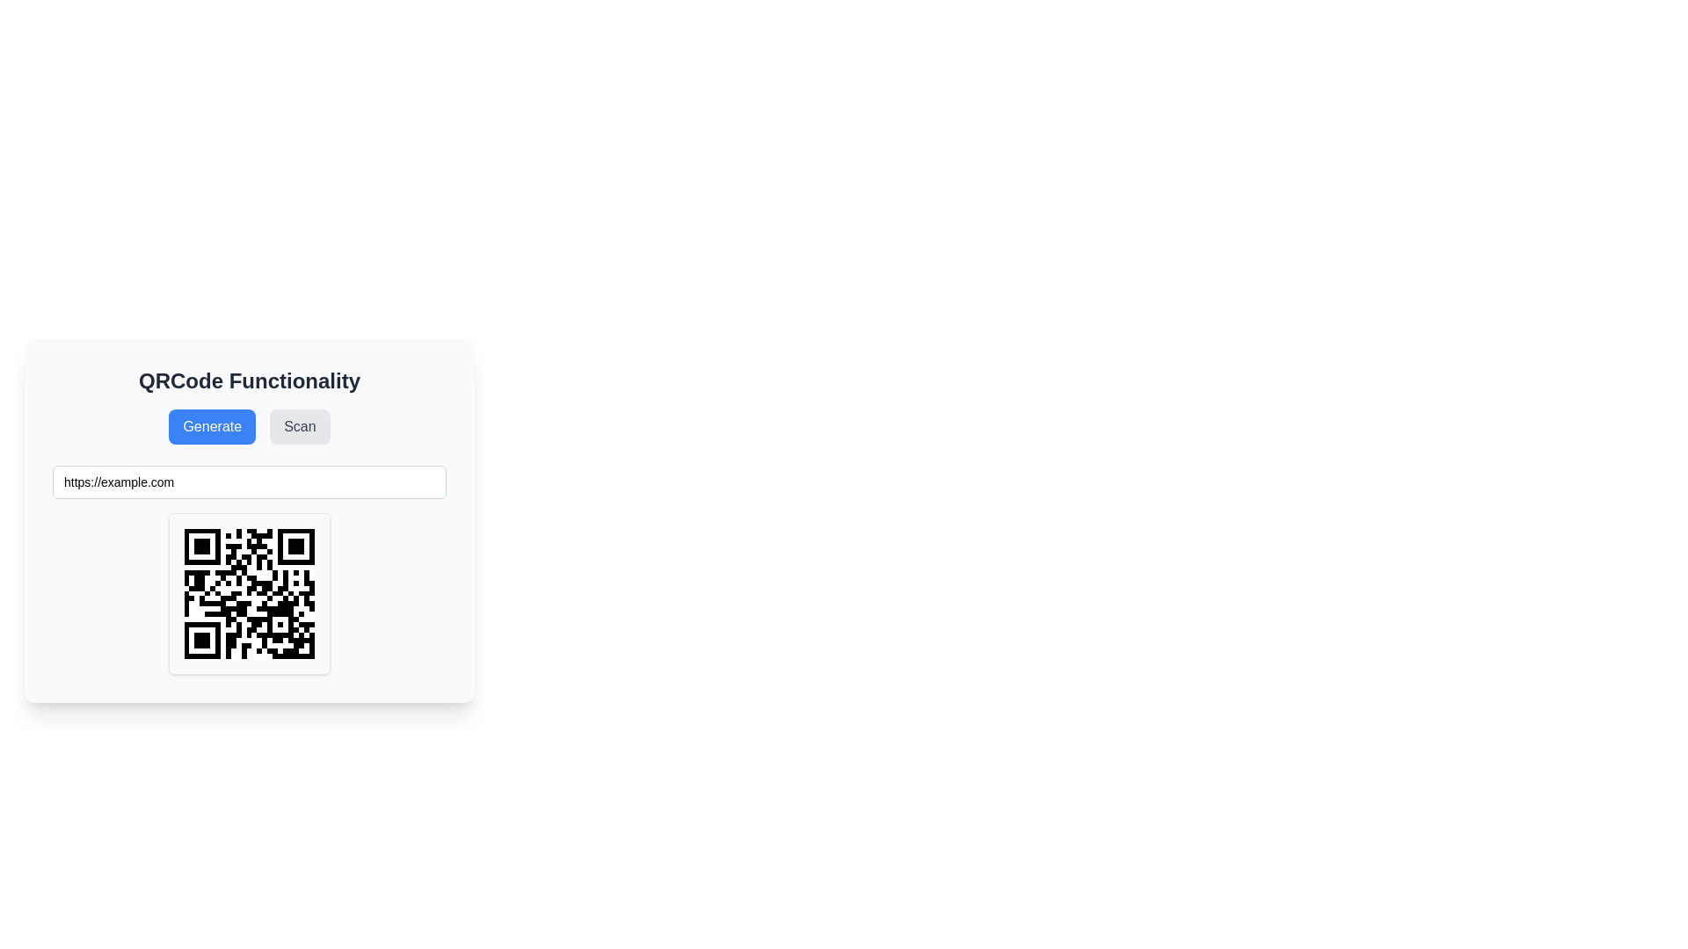  What do you see at coordinates (248, 427) in the screenshot?
I see `the 'Generate' and 'Scan' buttons in the QR code functionality control panel, which is located beneath the header 'QRCode Functionality'` at bounding box center [248, 427].